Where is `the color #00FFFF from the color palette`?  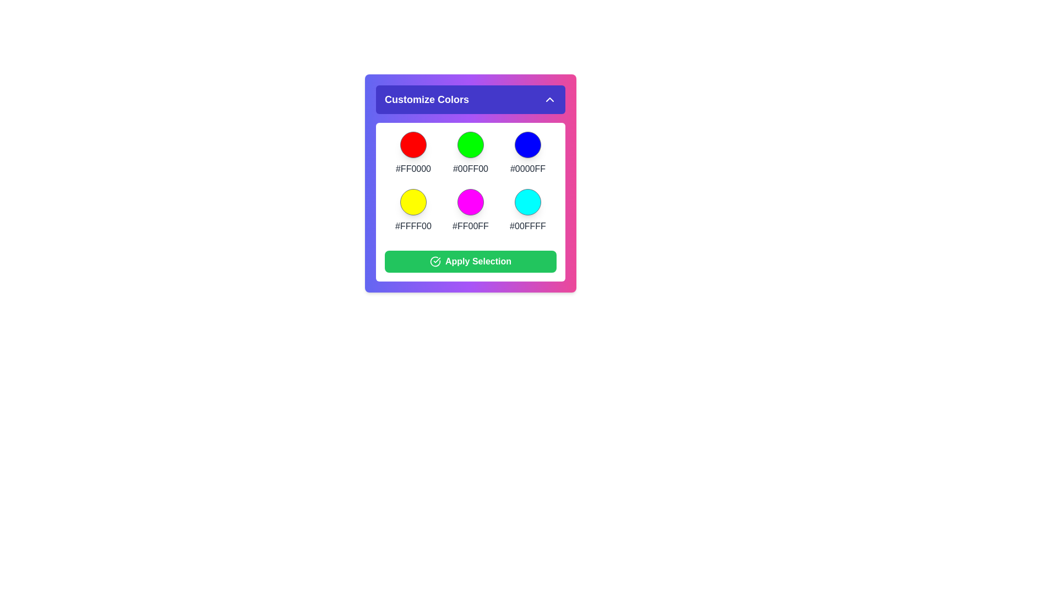 the color #00FFFF from the color palette is located at coordinates (527, 202).